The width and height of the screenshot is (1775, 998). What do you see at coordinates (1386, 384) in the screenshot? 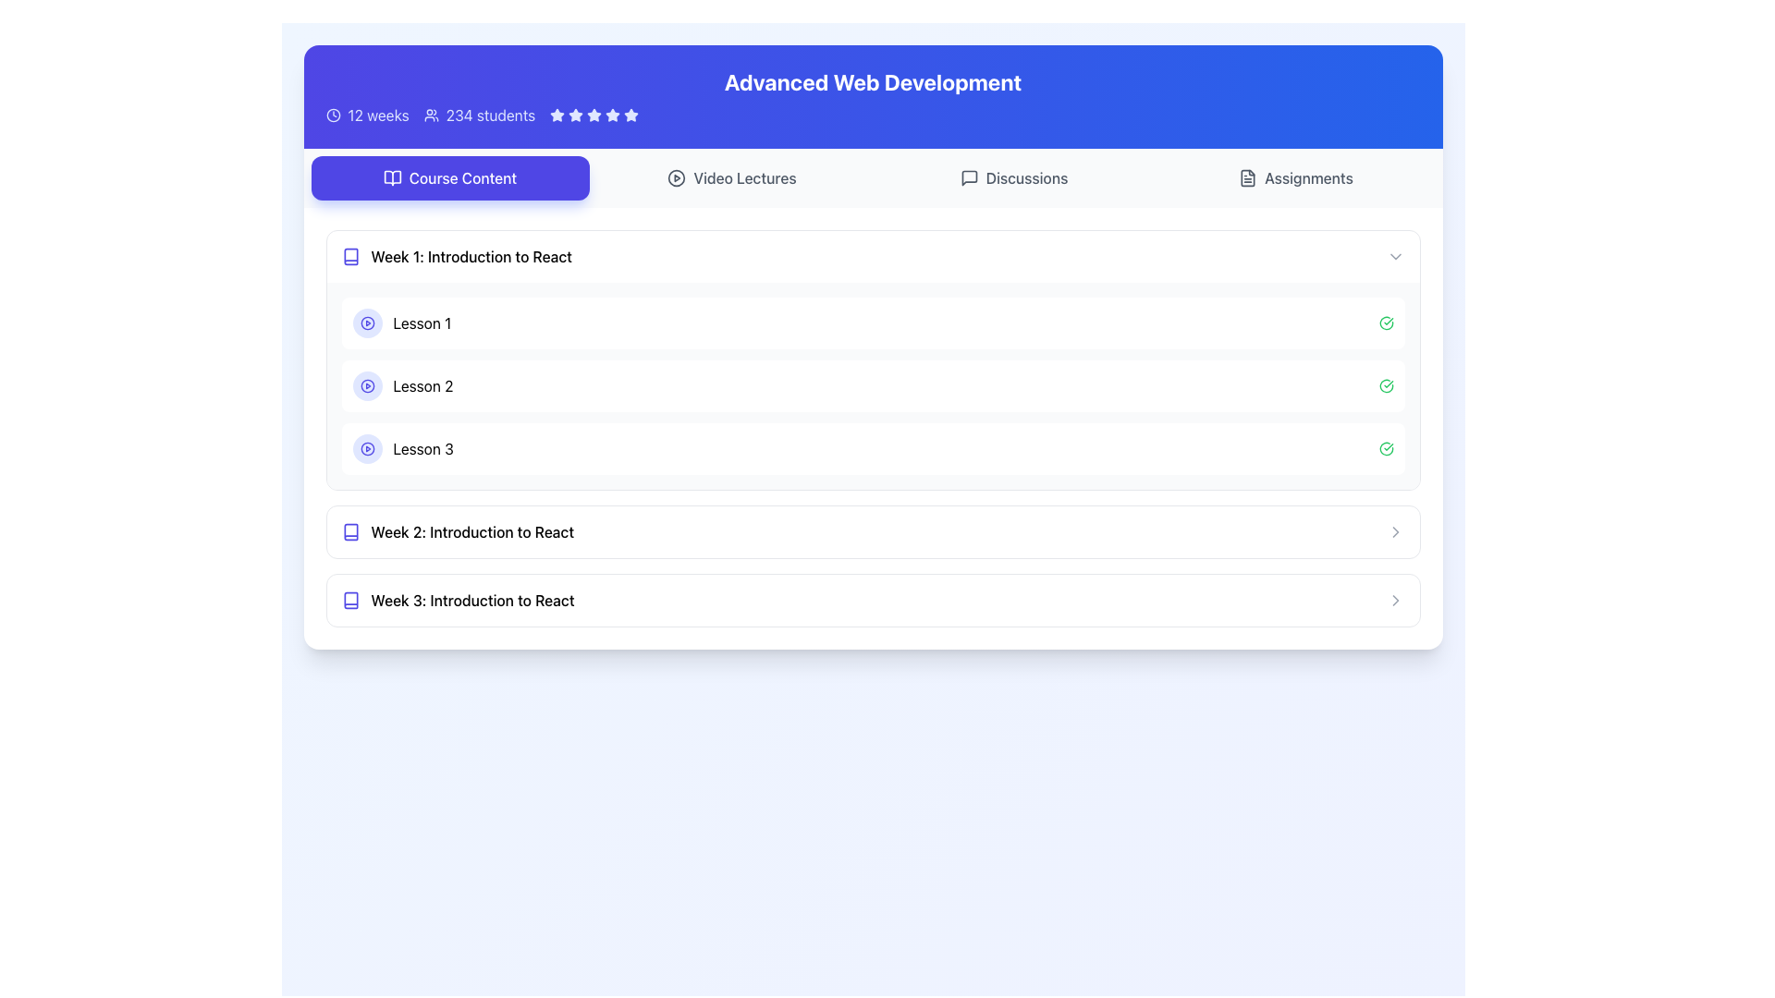
I see `the green circular checkmark icon located at the far-right side of the row labeled 'Lesson 2' in the 'Week 1: Introduction to React' section` at bounding box center [1386, 384].